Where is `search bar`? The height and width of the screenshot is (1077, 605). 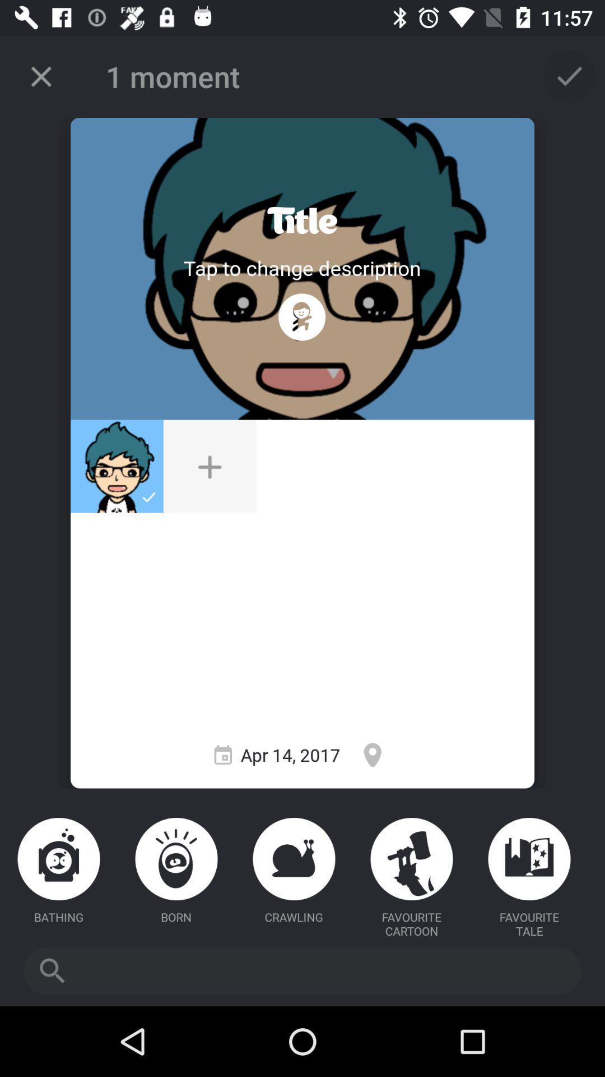 search bar is located at coordinates (302, 970).